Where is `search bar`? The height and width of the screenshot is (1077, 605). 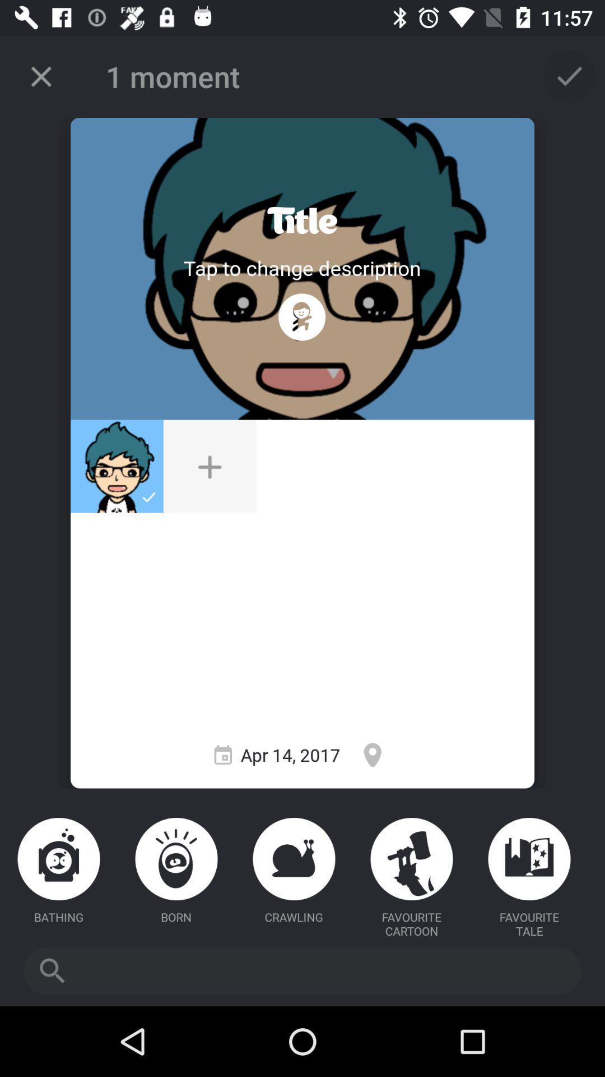 search bar is located at coordinates (302, 970).